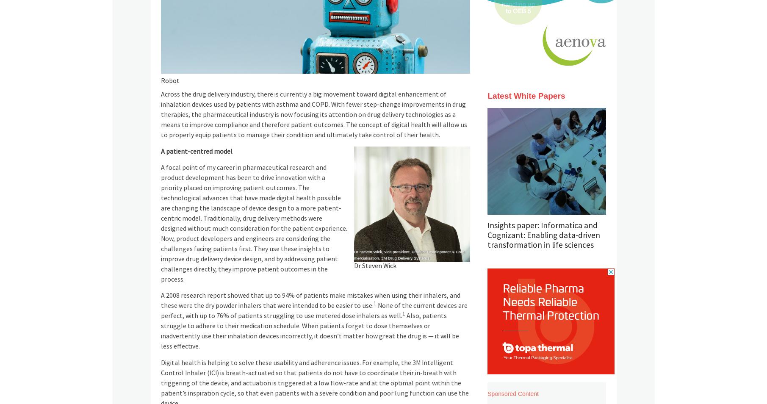 This screenshot has width=767, height=404. I want to click on 'Across the drug delivery industry, there is currently a big movement toward digital enhancement of inhalation devices used by patients with asthma and COPD. With fewer step-change improvements in drug therapies, the pharmaceutical industry is now focusing its attention on drug delivery technologies as a means to improve compliance and therefore patient outcomes. The concept of digital health will allow us to properly equip patients to manage their condition and ultimately take control of their health.', so click(313, 115).